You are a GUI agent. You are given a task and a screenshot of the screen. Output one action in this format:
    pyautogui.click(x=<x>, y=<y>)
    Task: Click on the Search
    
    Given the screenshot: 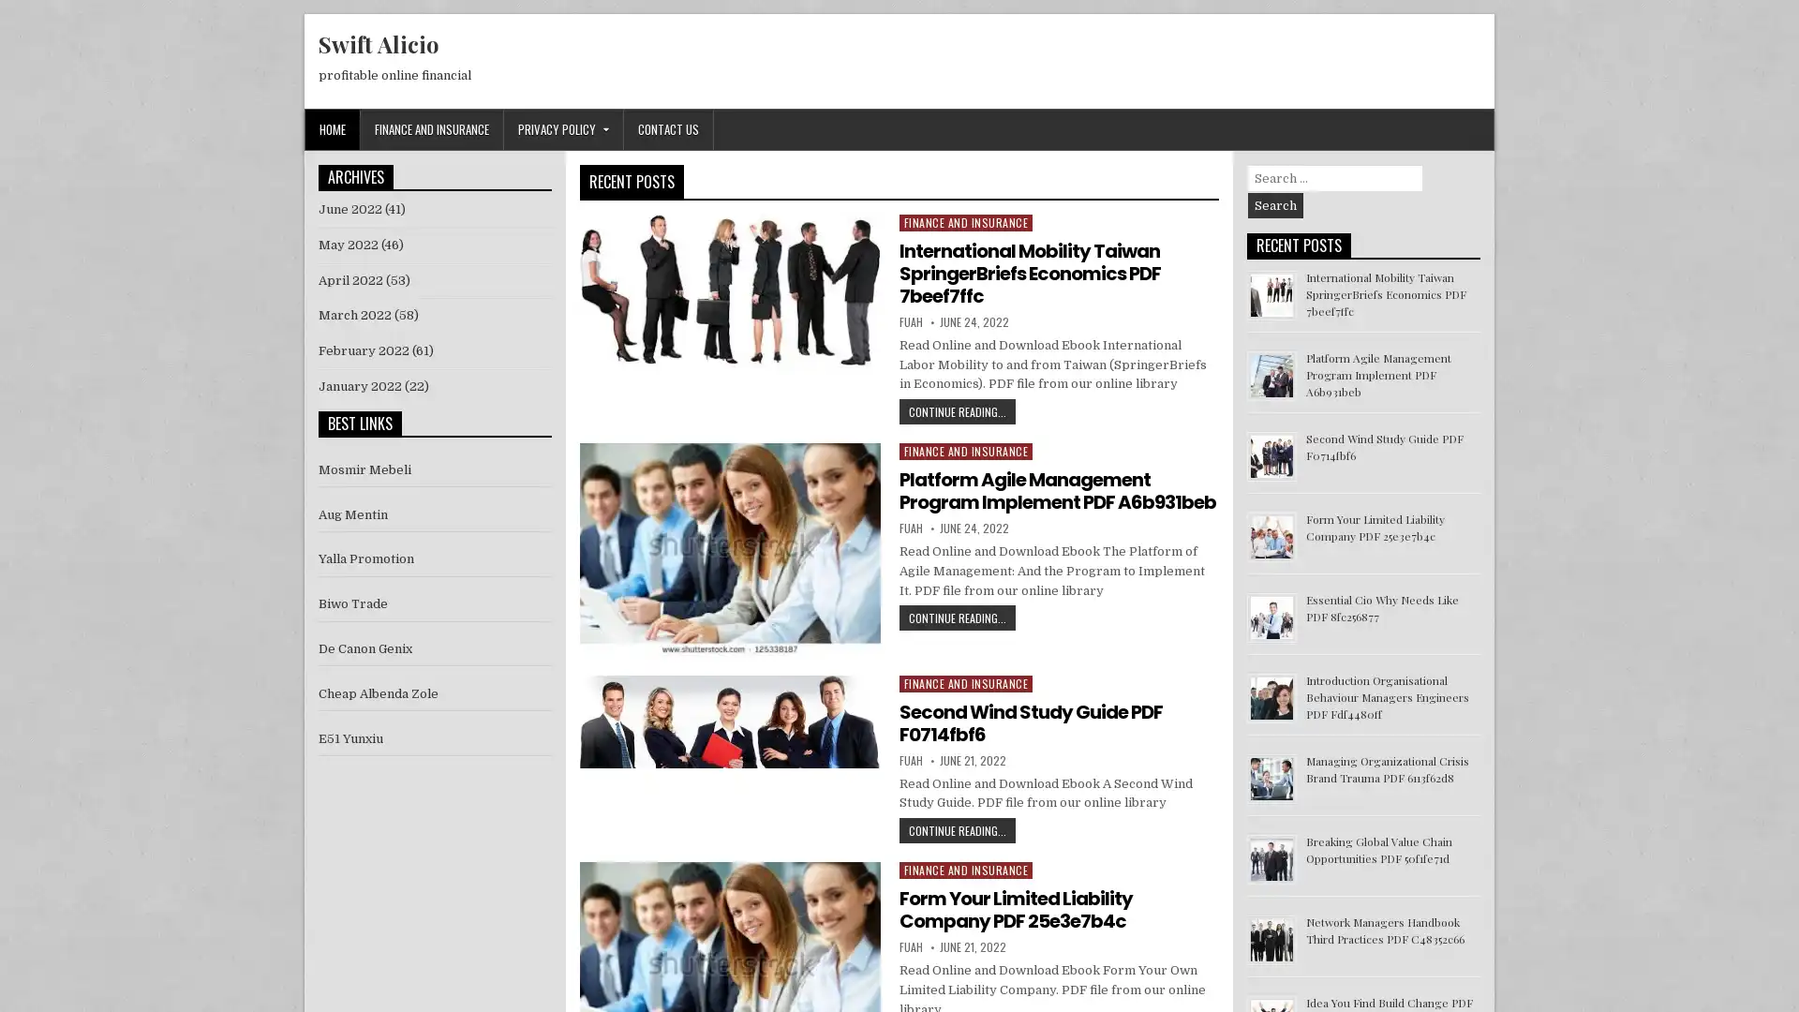 What is the action you would take?
    pyautogui.click(x=1274, y=205)
    